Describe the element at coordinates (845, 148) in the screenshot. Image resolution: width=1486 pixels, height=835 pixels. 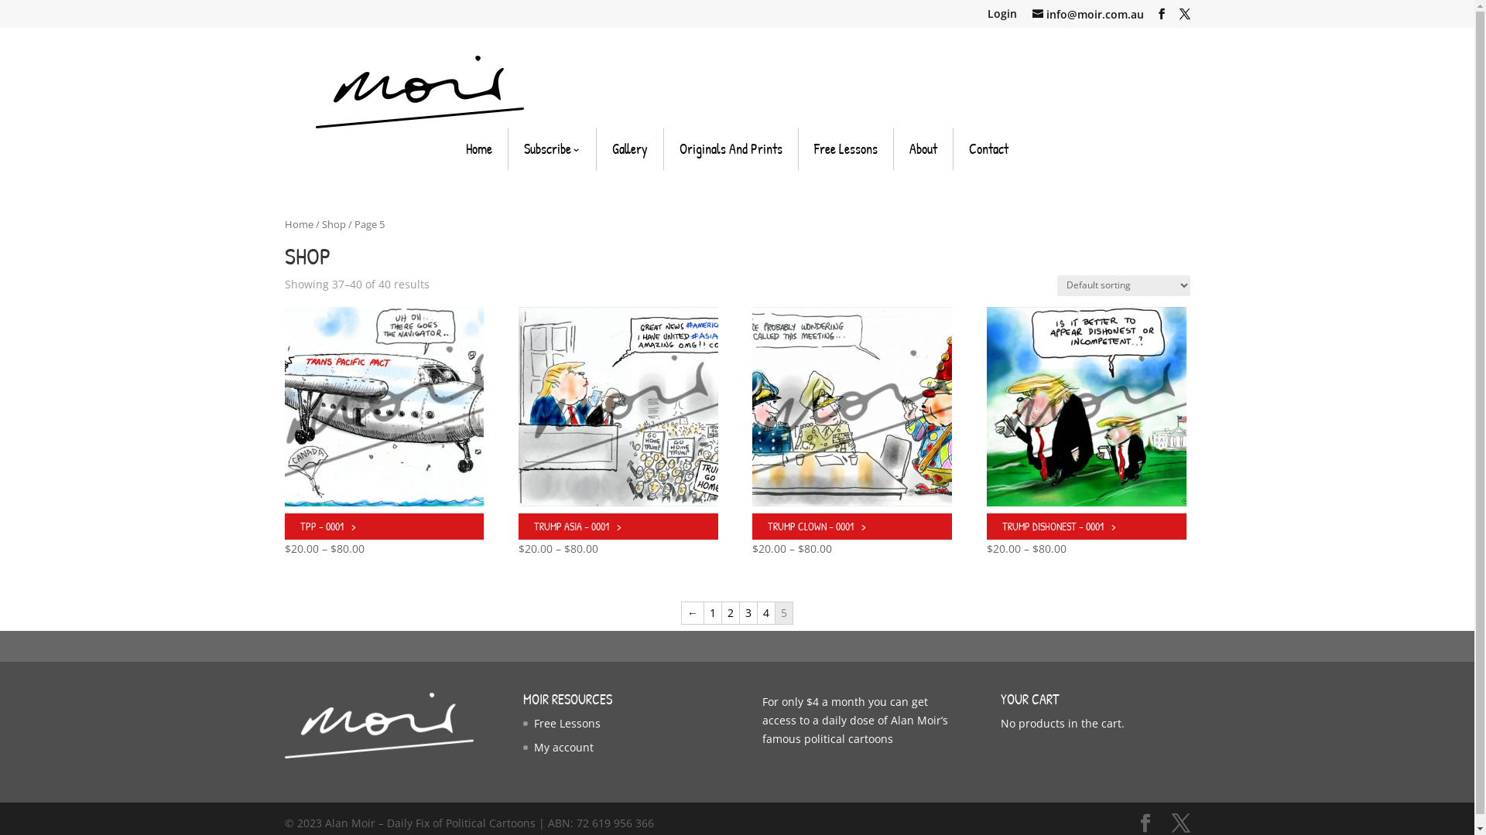
I see `'Free Lessons'` at that location.